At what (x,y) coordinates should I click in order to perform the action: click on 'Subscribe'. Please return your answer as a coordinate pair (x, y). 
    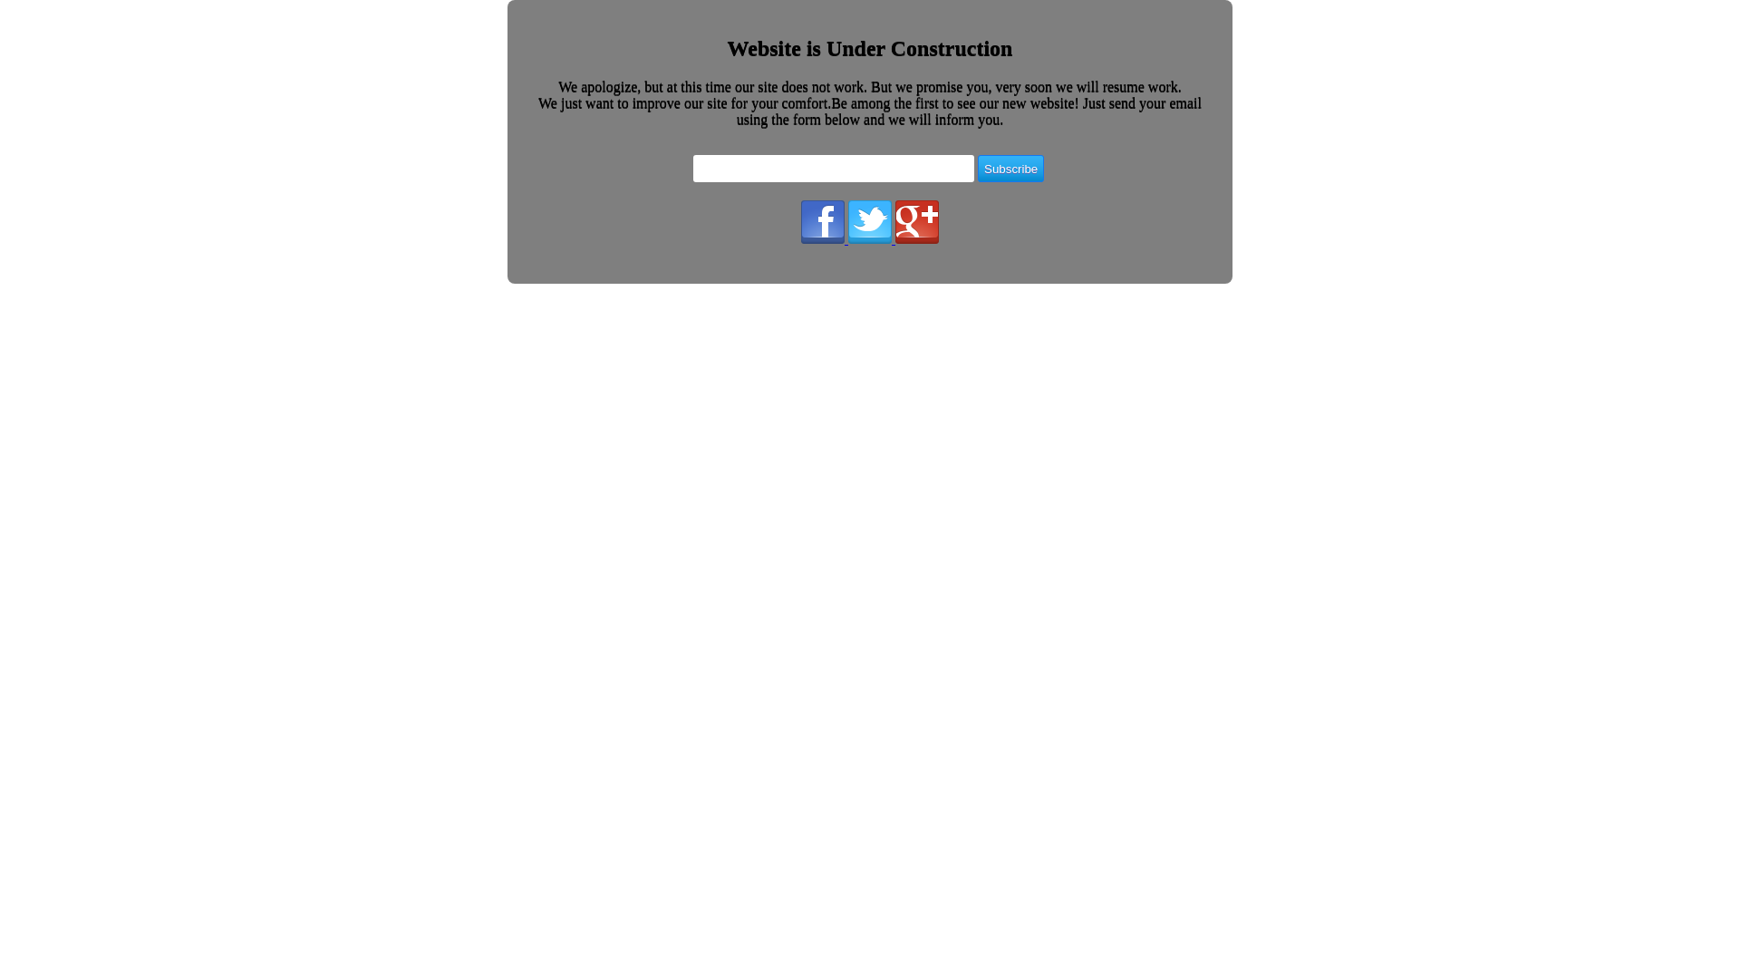
    Looking at the image, I should click on (977, 168).